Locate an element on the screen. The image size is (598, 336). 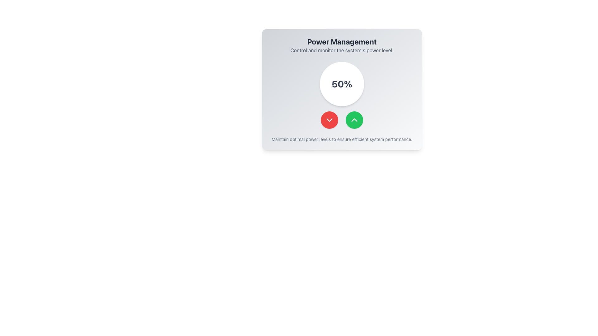
text element displaying 'Control and monitor the system's power level.' located below the title 'Power Management' is located at coordinates (342, 50).